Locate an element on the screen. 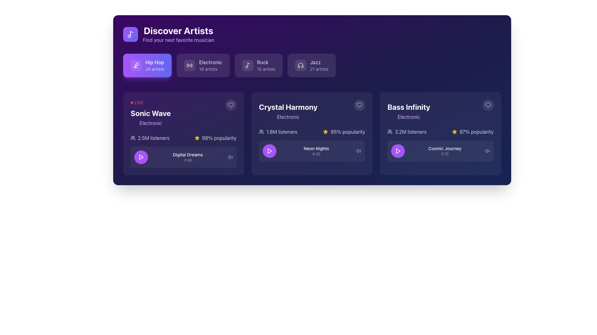  the Display component that shows the title and duration of a track, located in the last card under the 'Bass Infinity' heading, to interact with its associated functionality is located at coordinates (440, 145).